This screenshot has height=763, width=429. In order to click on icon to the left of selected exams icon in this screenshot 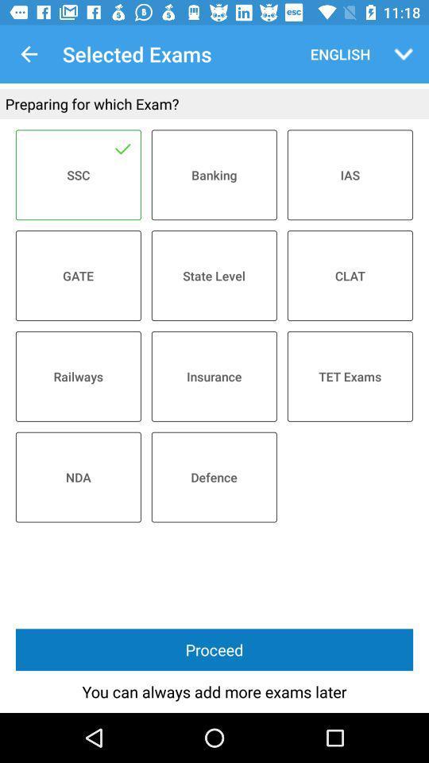, I will do `click(29, 54)`.